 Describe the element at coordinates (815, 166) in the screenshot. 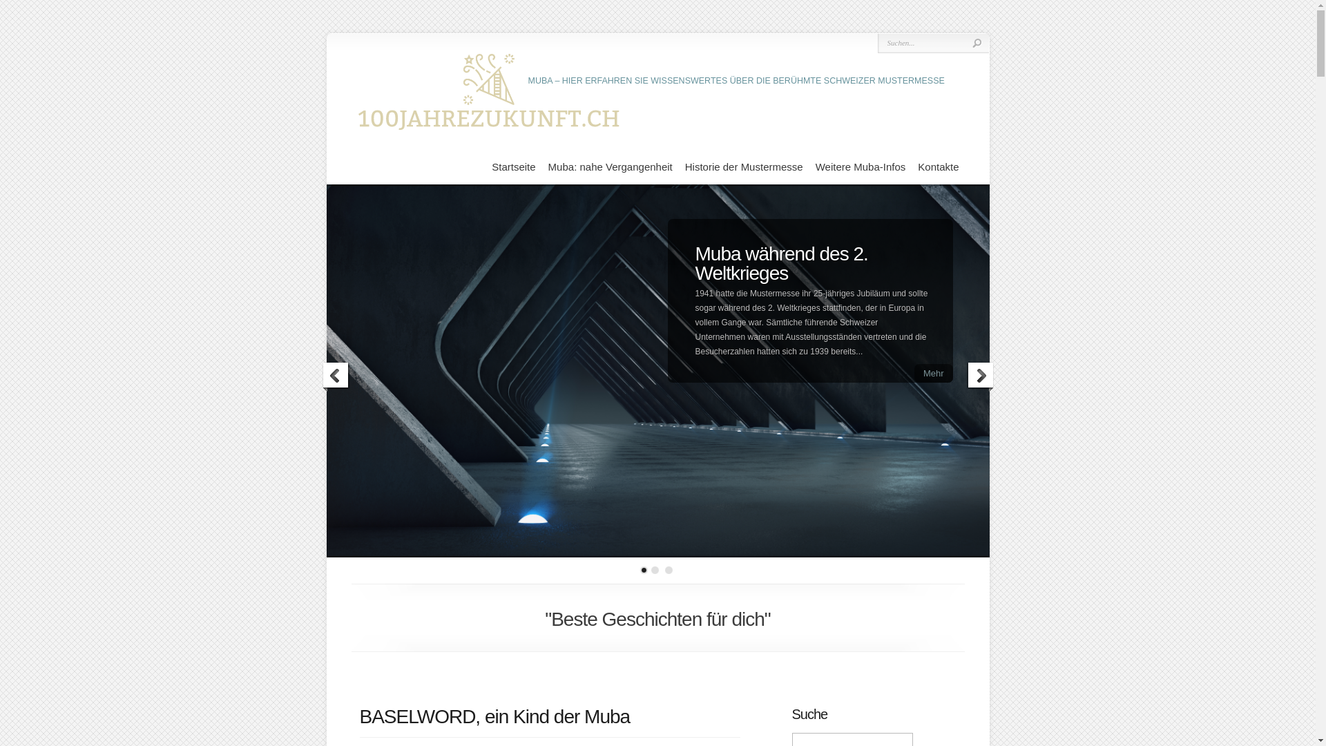

I see `'Weitere Muba-Infos'` at that location.